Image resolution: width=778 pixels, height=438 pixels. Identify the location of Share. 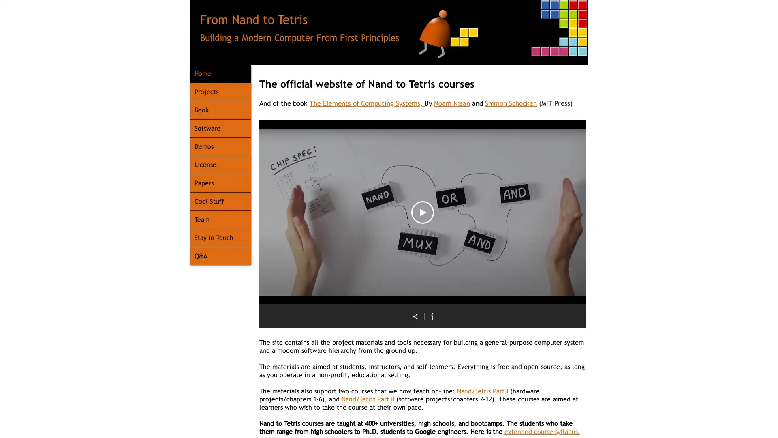
(415, 316).